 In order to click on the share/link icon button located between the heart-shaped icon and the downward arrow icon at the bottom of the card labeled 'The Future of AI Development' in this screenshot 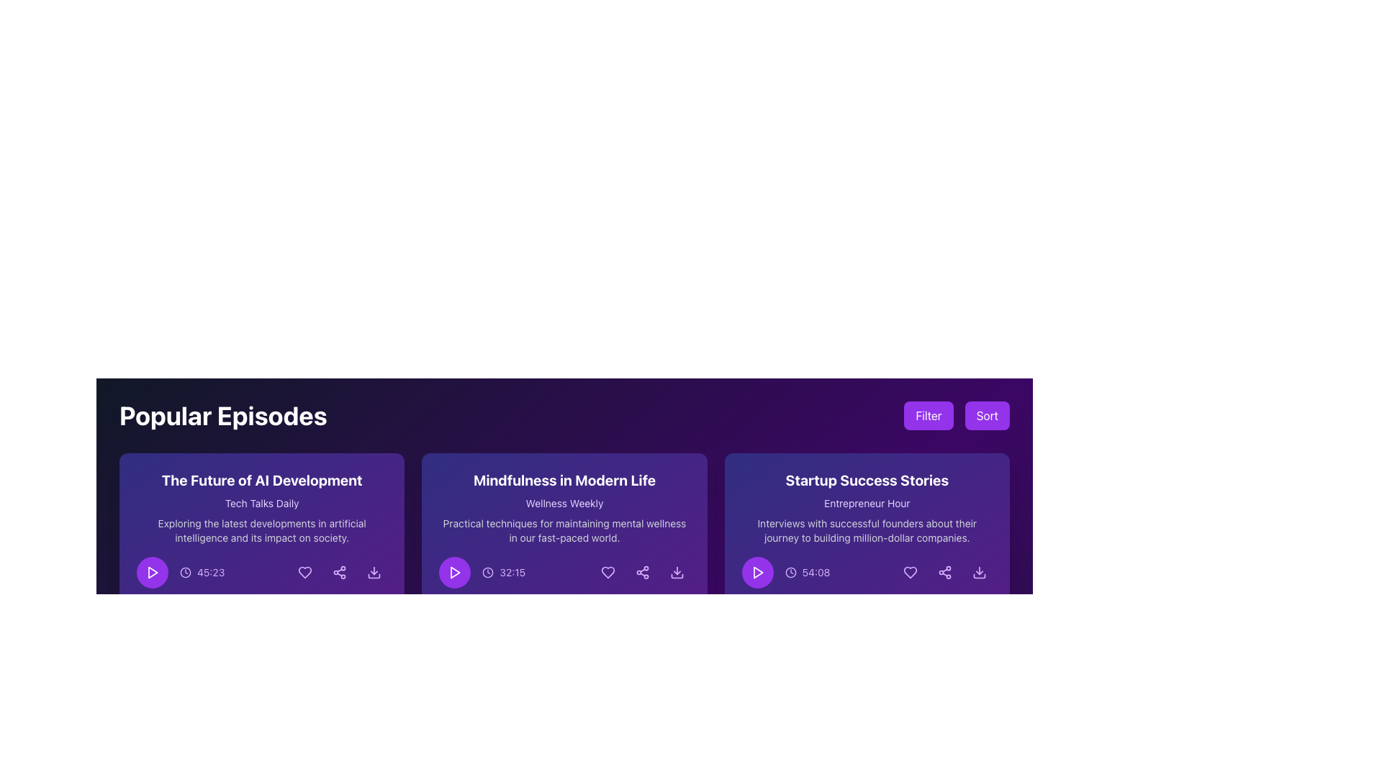, I will do `click(339, 571)`.